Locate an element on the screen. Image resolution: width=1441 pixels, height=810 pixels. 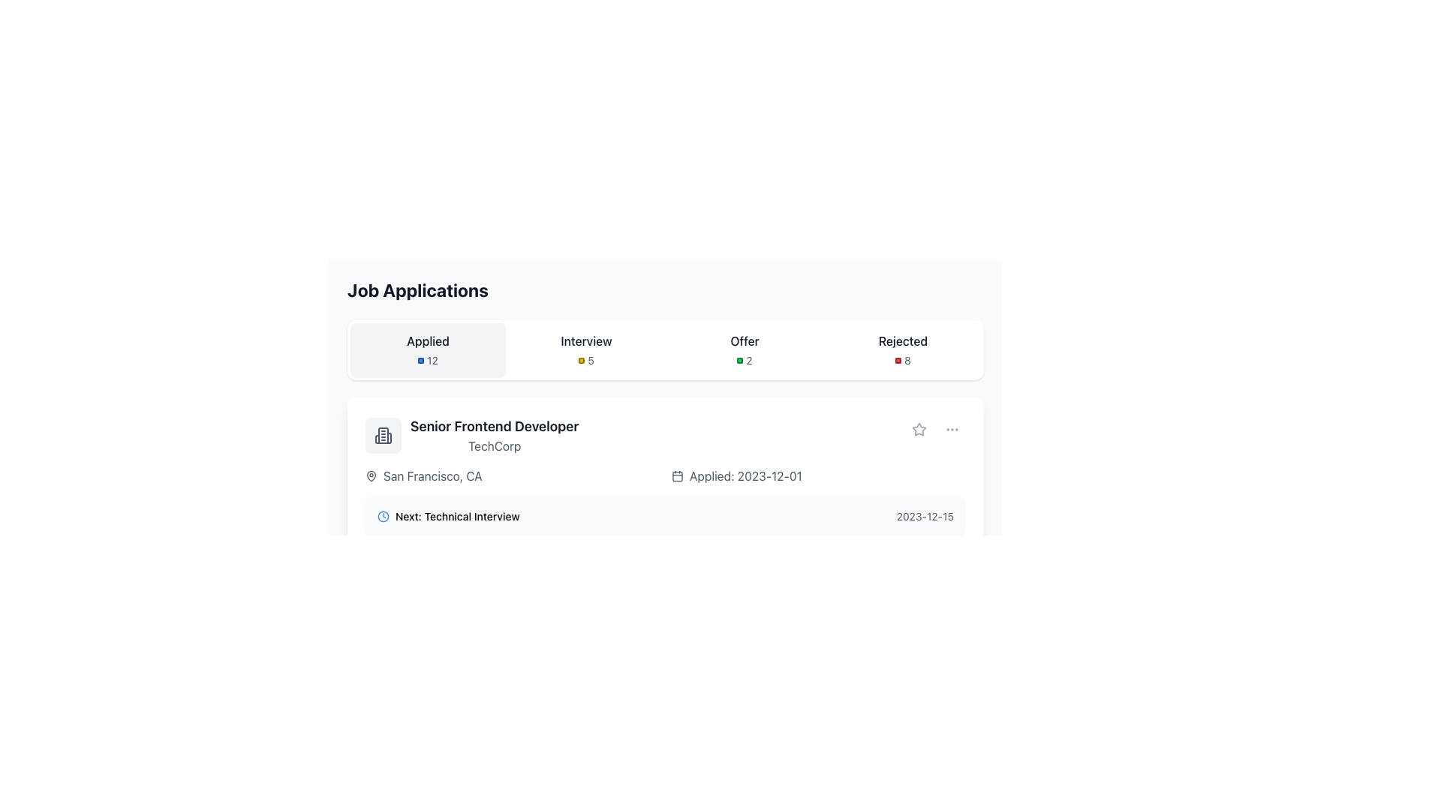
the text label indicating the count of rejected job applications, located in the 'Job Applications' section under the 'Rejected' category label, to the right of a small red circular icon is located at coordinates (907, 361).